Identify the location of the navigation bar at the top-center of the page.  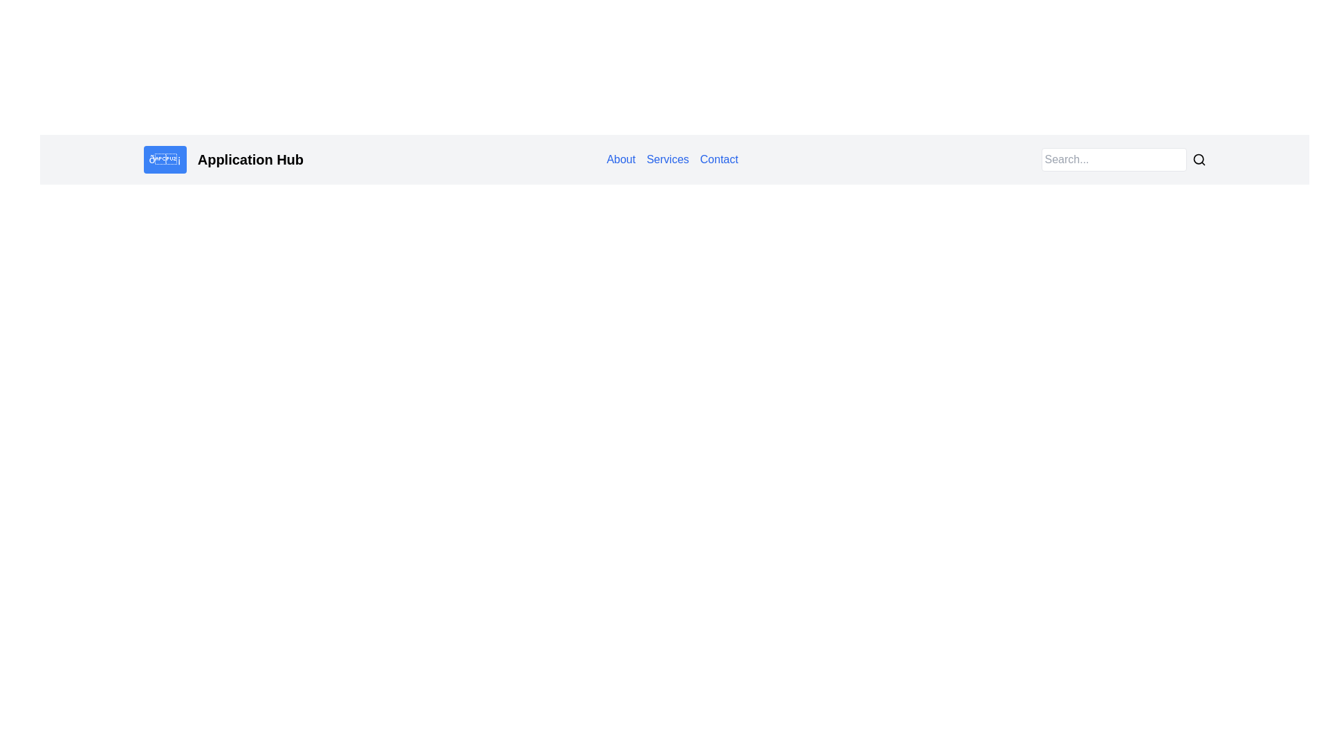
(674, 159).